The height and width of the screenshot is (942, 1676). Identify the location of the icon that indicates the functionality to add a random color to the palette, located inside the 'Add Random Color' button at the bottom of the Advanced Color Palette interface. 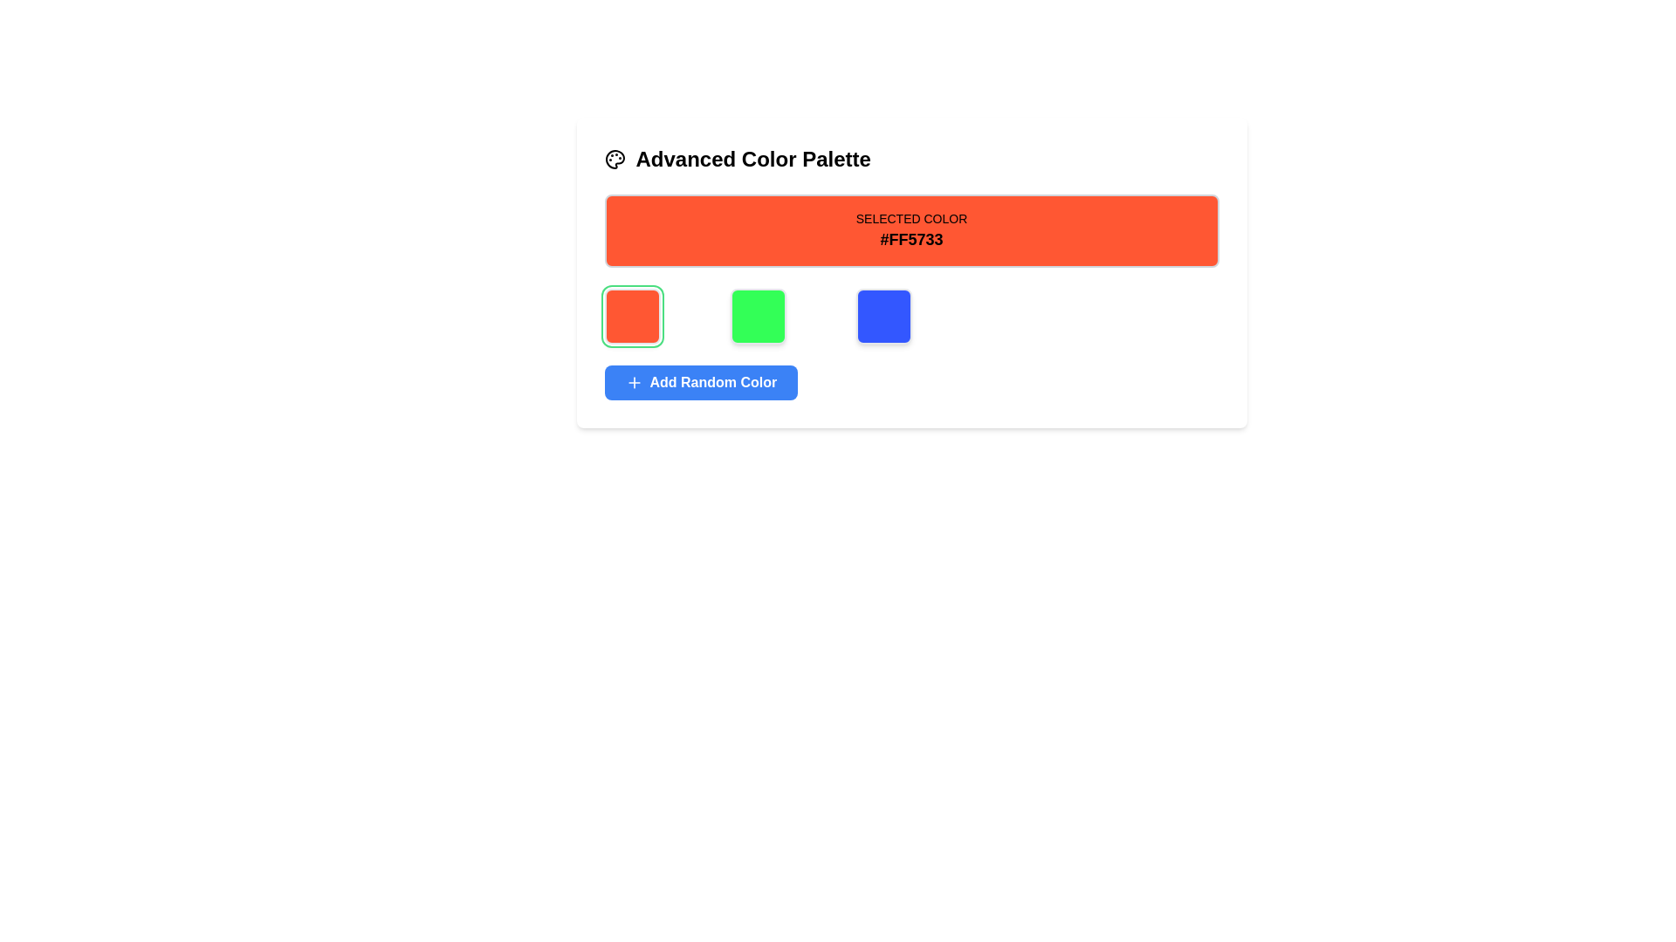
(633, 382).